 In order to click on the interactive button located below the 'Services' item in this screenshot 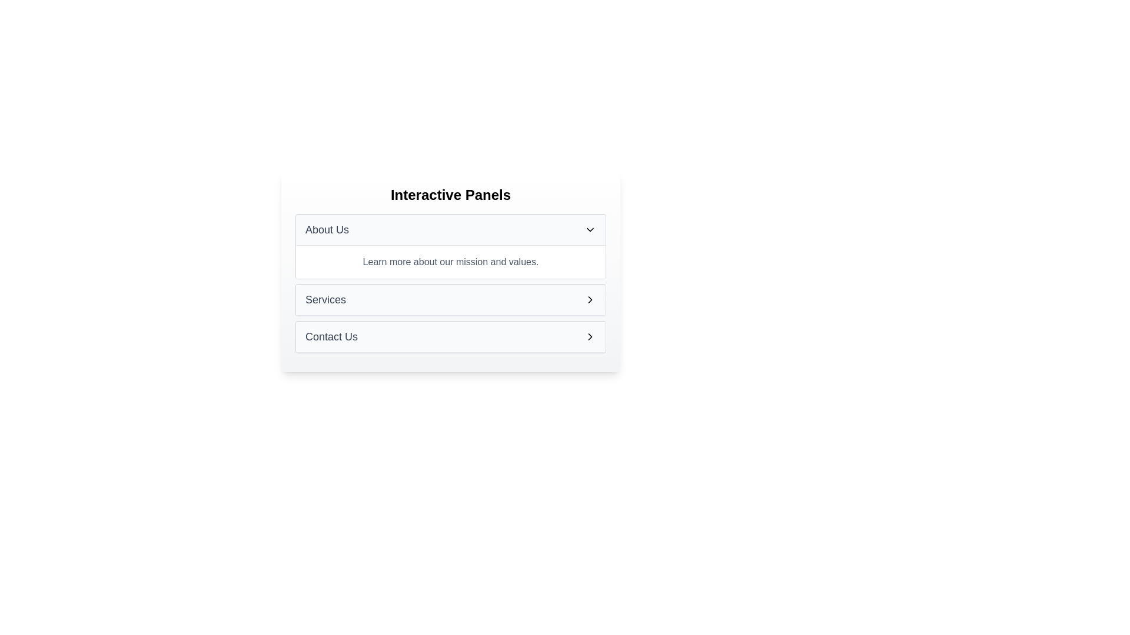, I will do `click(450, 337)`.